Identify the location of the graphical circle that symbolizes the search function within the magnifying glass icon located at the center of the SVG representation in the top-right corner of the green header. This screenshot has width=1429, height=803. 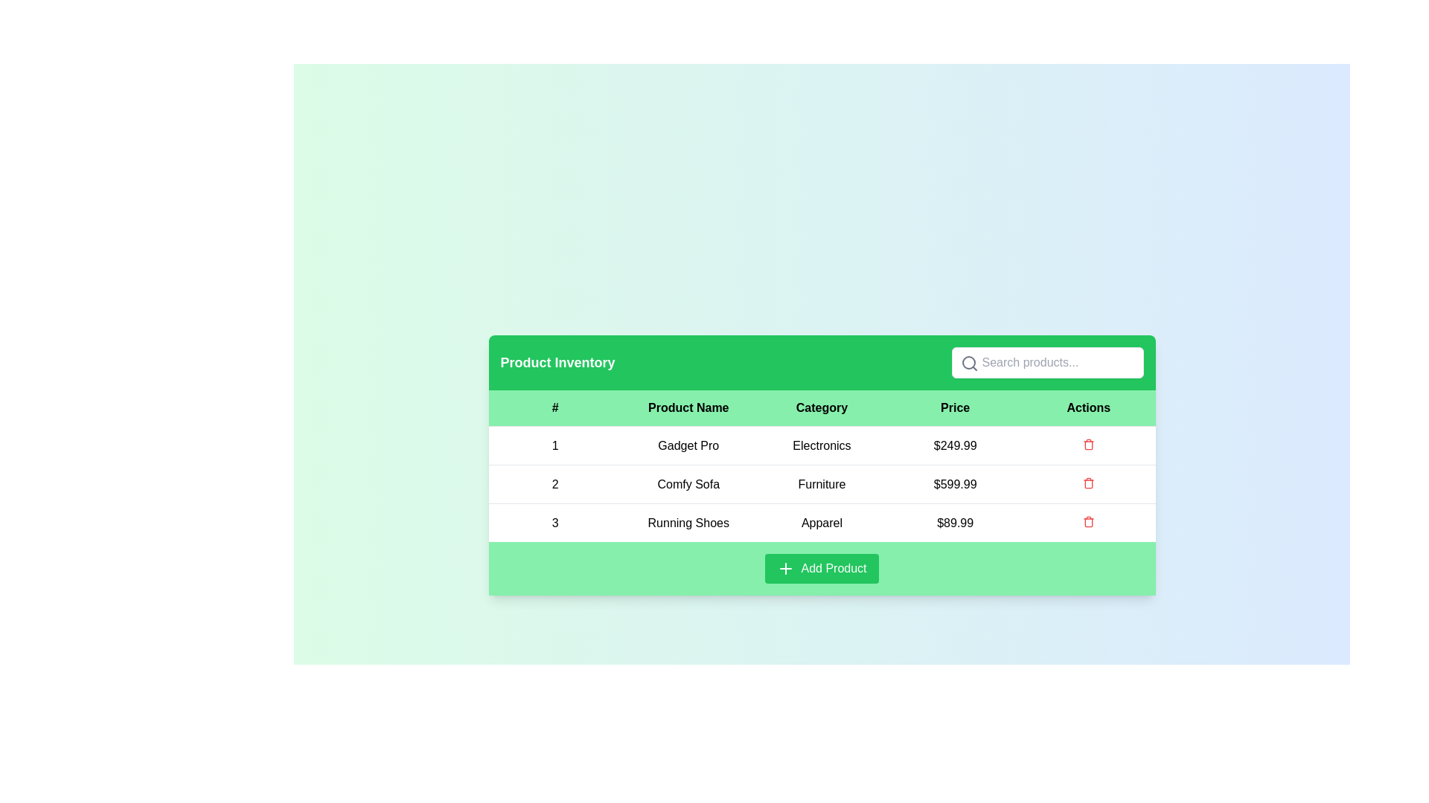
(968, 363).